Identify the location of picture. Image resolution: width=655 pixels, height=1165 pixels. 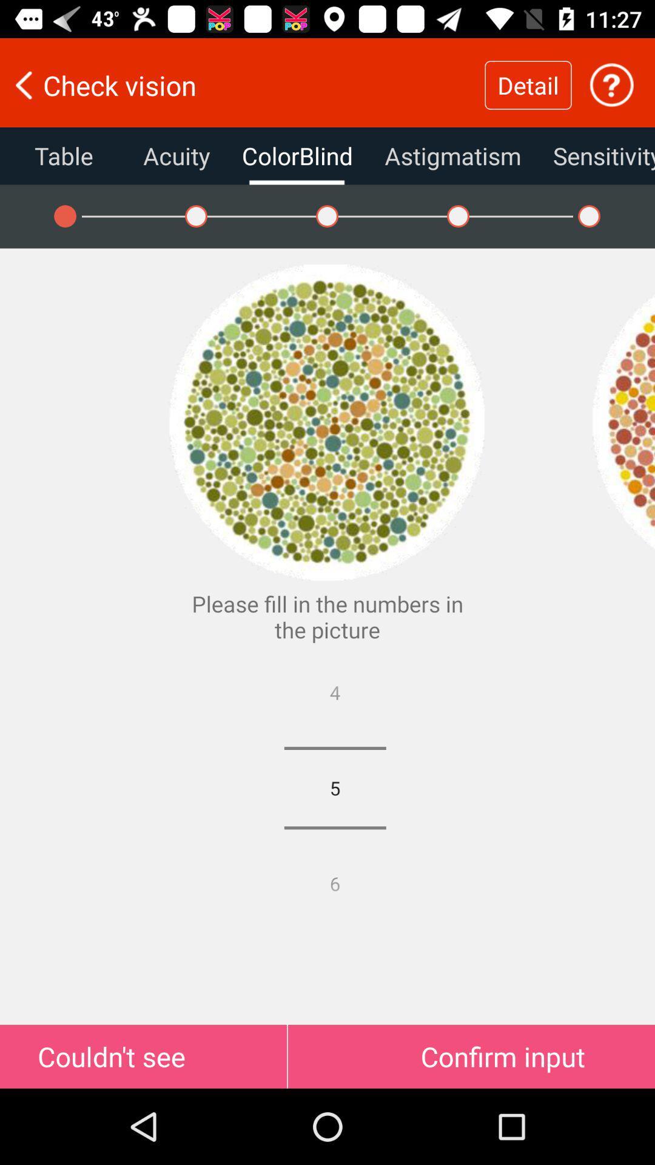
(623, 422).